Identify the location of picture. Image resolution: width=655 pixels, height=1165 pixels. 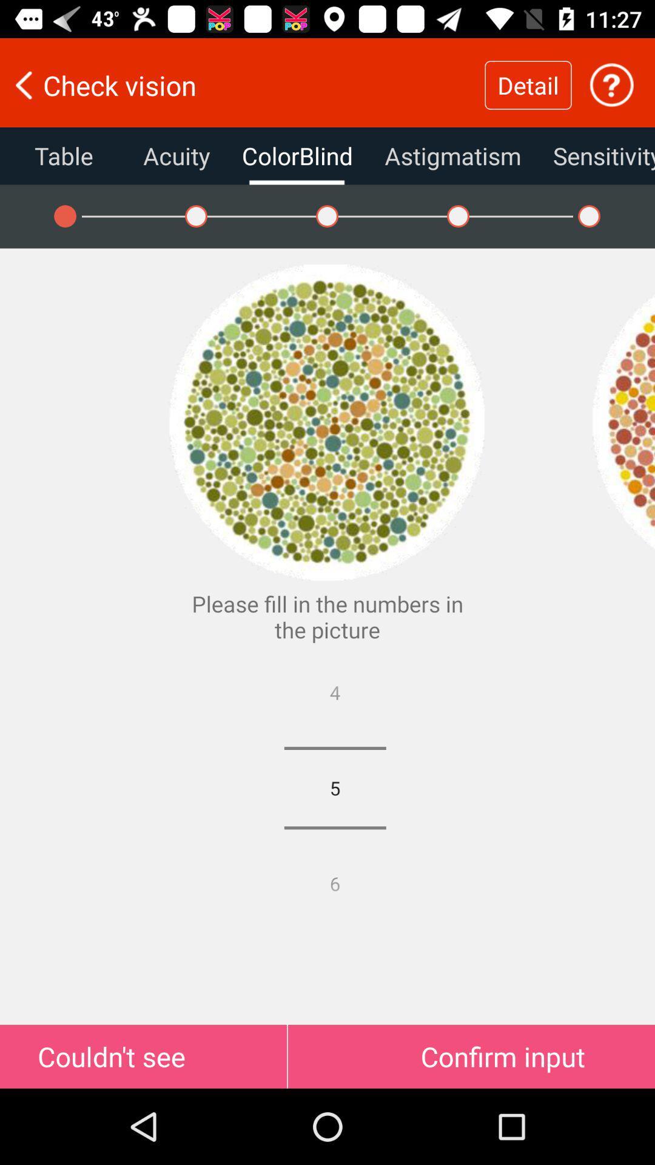
(623, 422).